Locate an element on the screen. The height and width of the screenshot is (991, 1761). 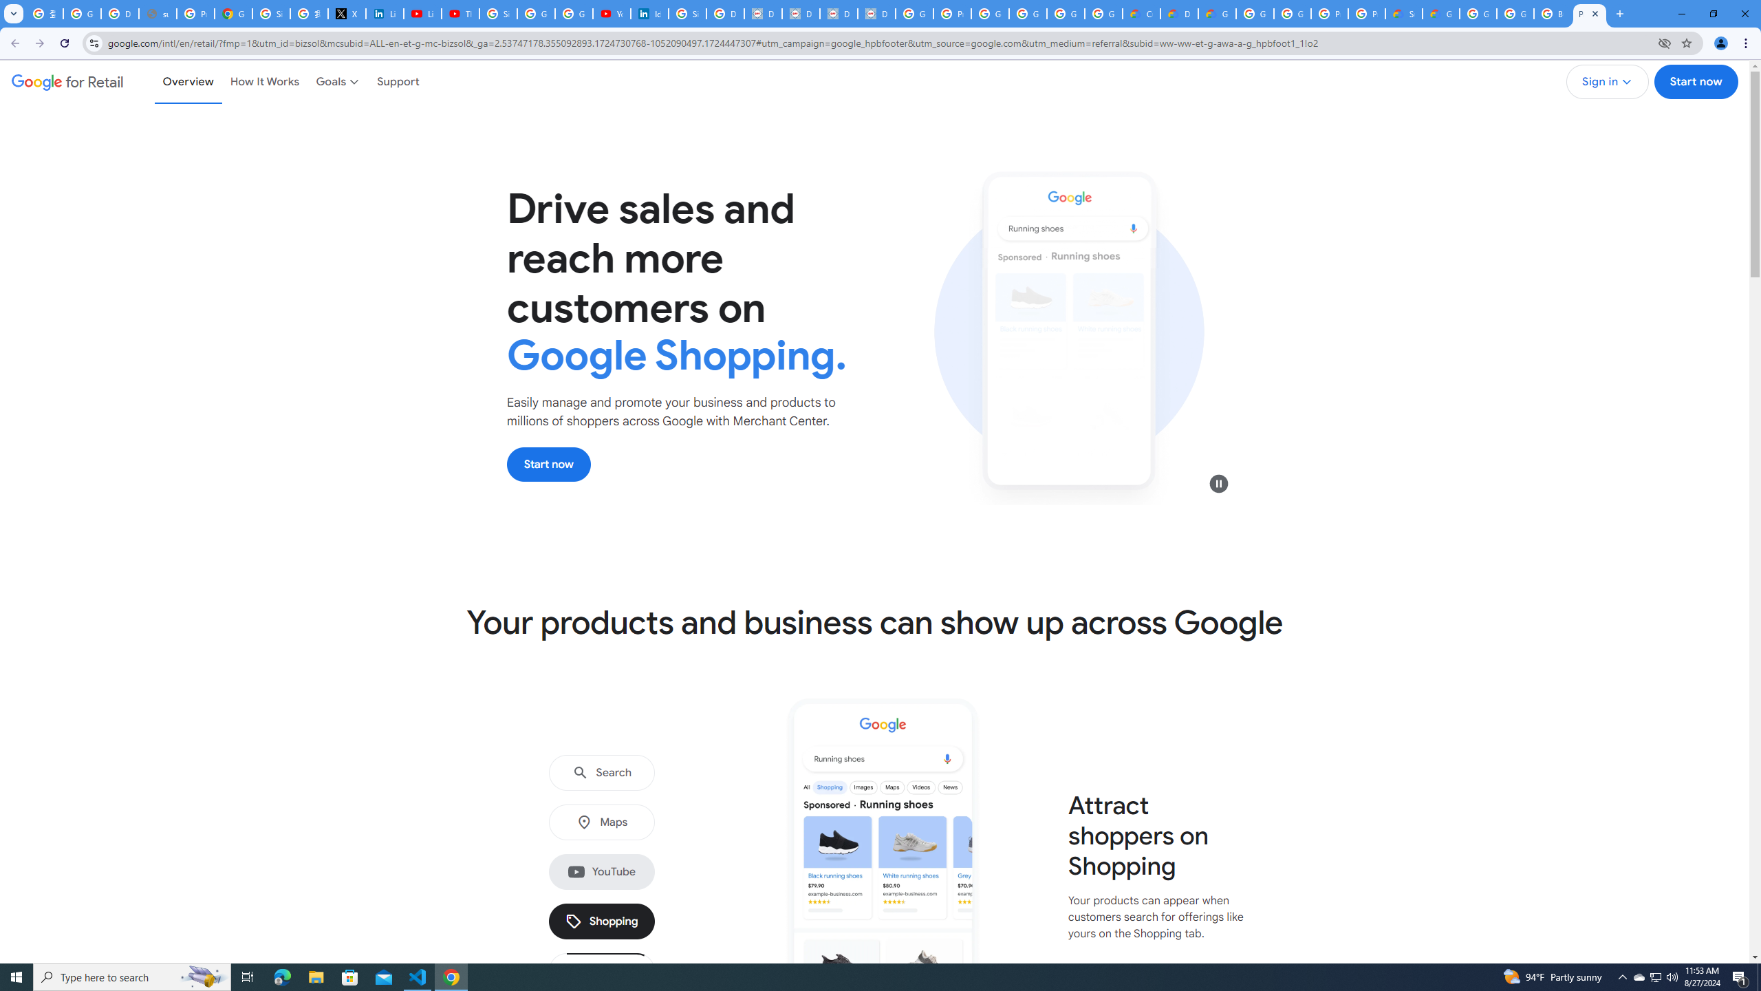
'Shopping' is located at coordinates (602, 921).